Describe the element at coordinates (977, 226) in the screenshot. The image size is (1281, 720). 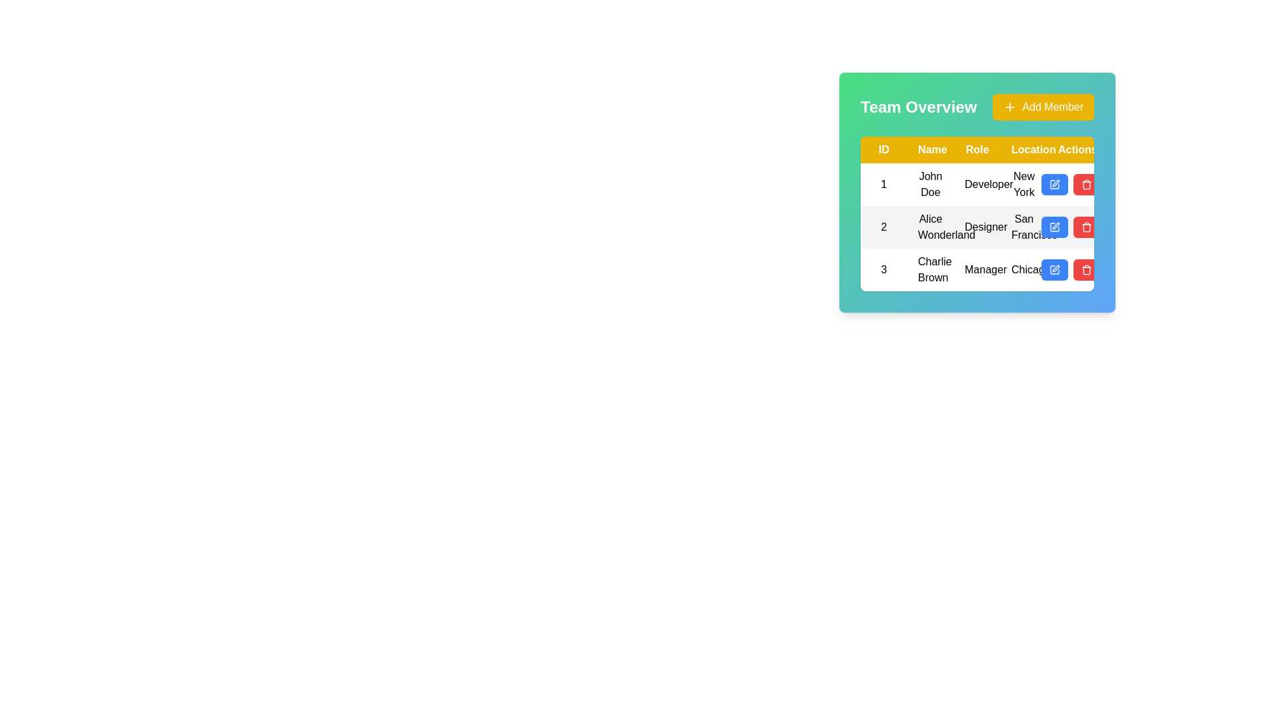
I see `the static text element displaying 'Designer' within the 'Role' column for 'Alice Wonderland' in the table` at that location.